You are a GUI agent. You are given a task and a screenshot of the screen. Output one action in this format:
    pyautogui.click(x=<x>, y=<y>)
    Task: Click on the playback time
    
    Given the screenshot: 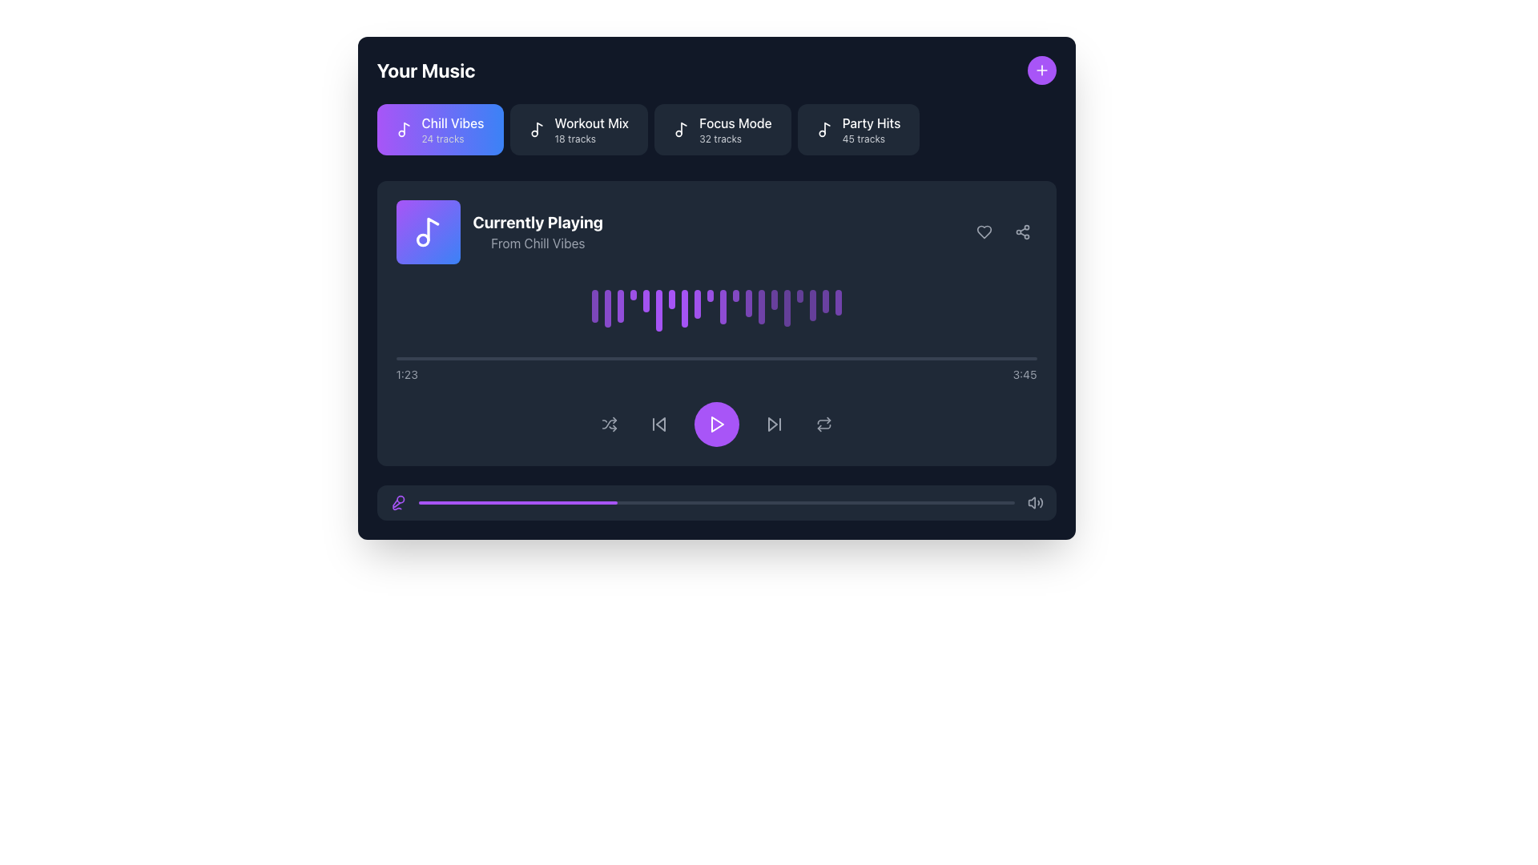 What is the action you would take?
    pyautogui.click(x=396, y=358)
    